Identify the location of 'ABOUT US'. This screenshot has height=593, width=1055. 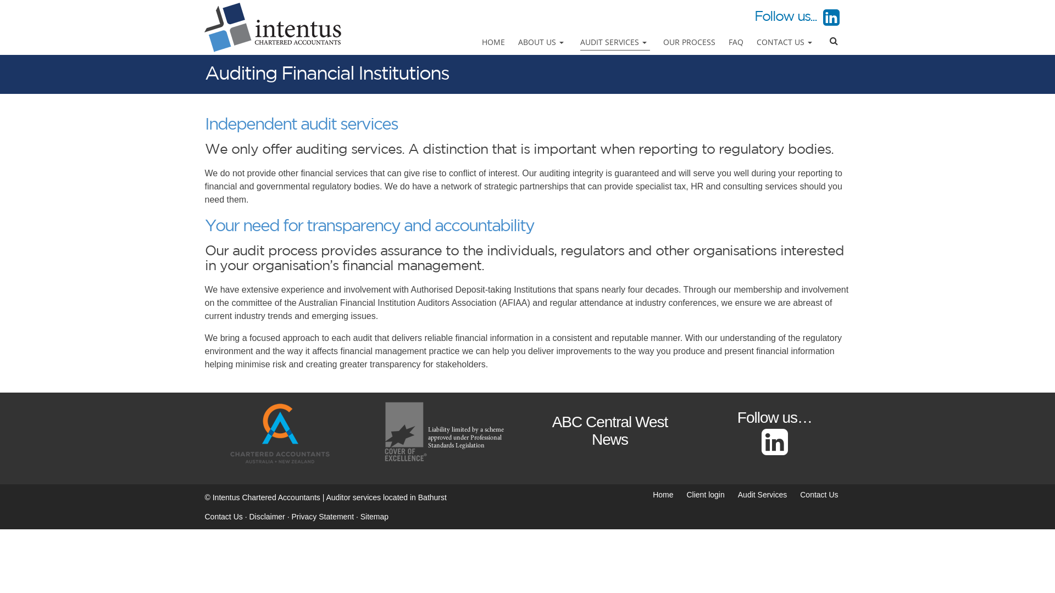
(542, 42).